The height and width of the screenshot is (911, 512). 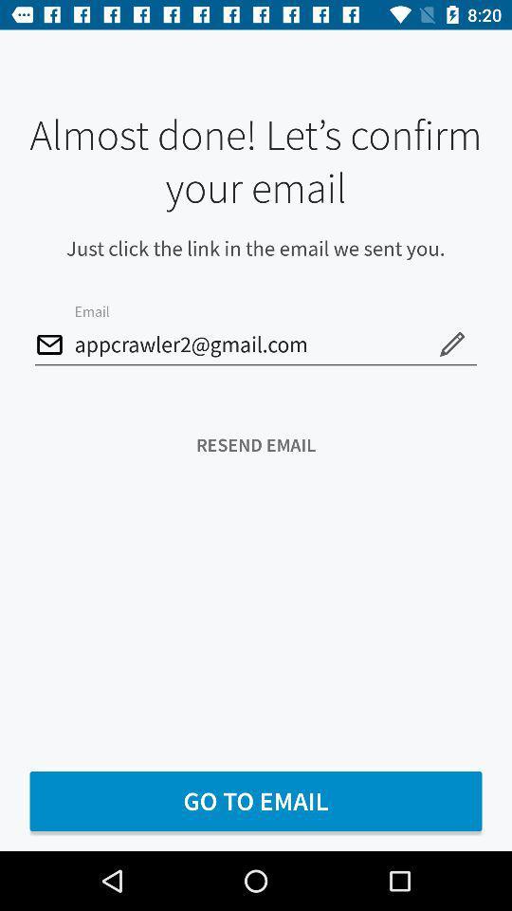 I want to click on icon above resend email, so click(x=450, y=343).